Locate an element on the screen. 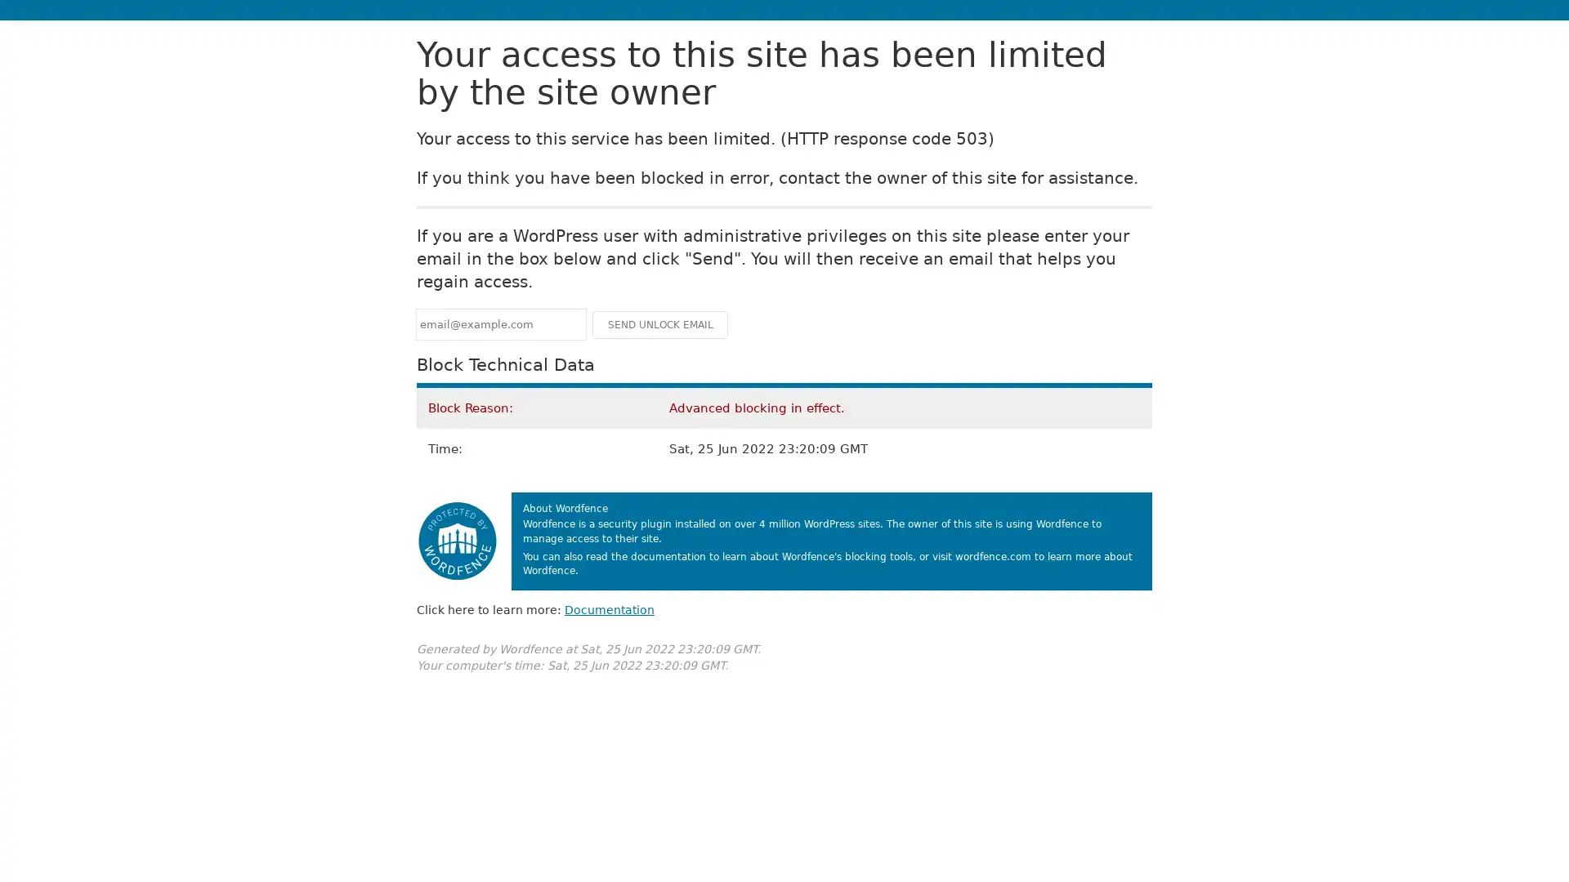  Send Unlock Email is located at coordinates (659, 324).